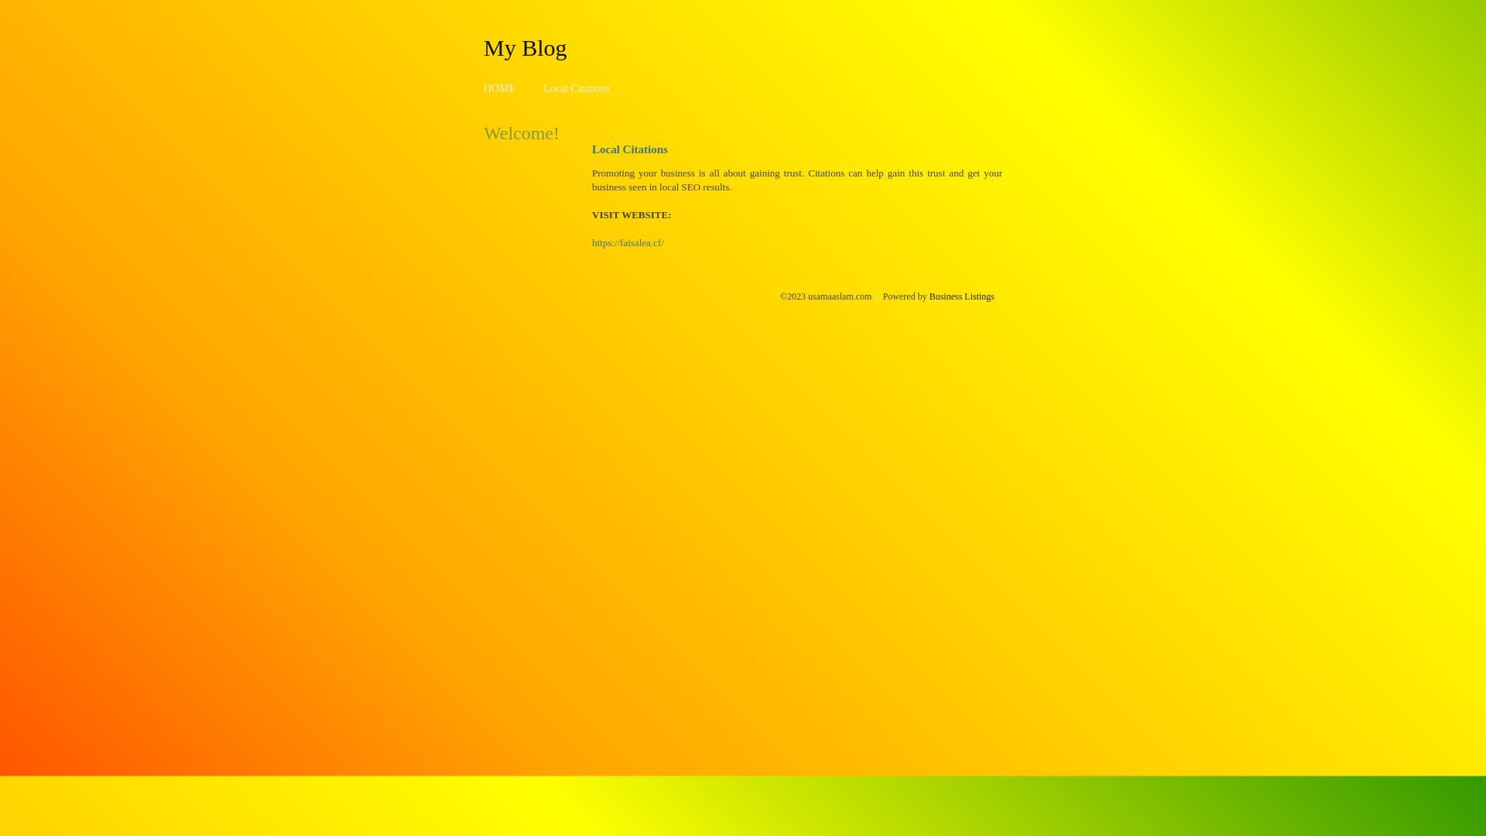  What do you see at coordinates (961, 296) in the screenshot?
I see `'Business Listings'` at bounding box center [961, 296].